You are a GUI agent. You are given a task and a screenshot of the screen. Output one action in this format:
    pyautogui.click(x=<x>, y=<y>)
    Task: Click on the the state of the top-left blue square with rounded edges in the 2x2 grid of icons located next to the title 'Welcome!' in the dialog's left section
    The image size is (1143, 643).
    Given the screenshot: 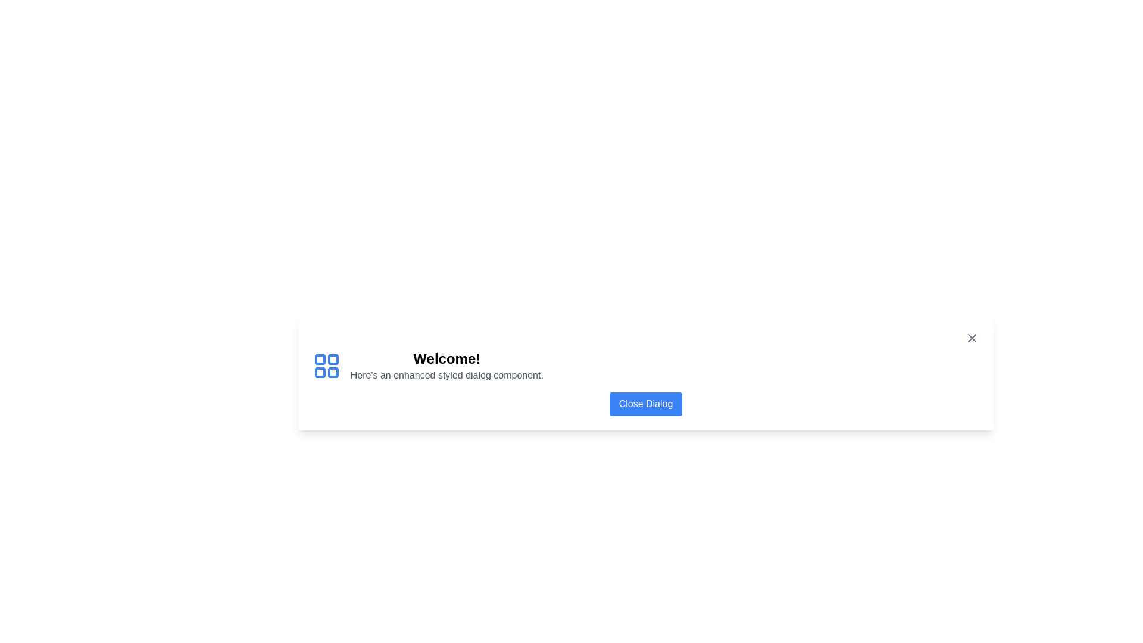 What is the action you would take?
    pyautogui.click(x=320, y=358)
    